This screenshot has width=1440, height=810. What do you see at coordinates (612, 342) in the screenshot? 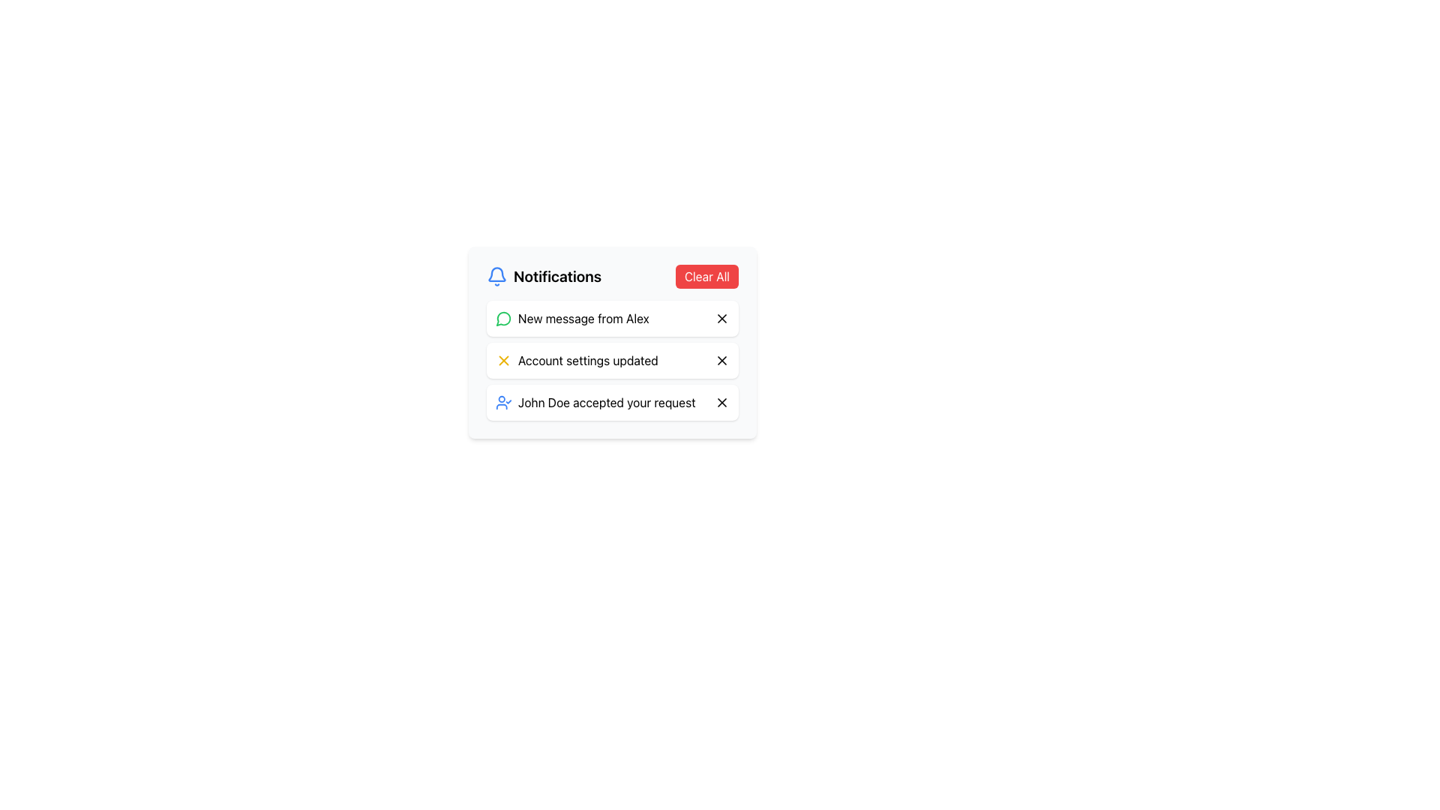
I see `the second notification card in the Notifications panel that informs about an account settings update` at bounding box center [612, 342].